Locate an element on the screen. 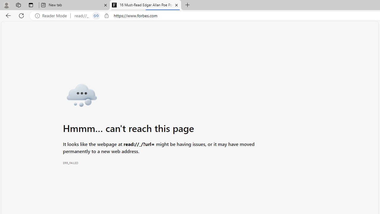  'Tabs in split screen' is located at coordinates (96, 15).